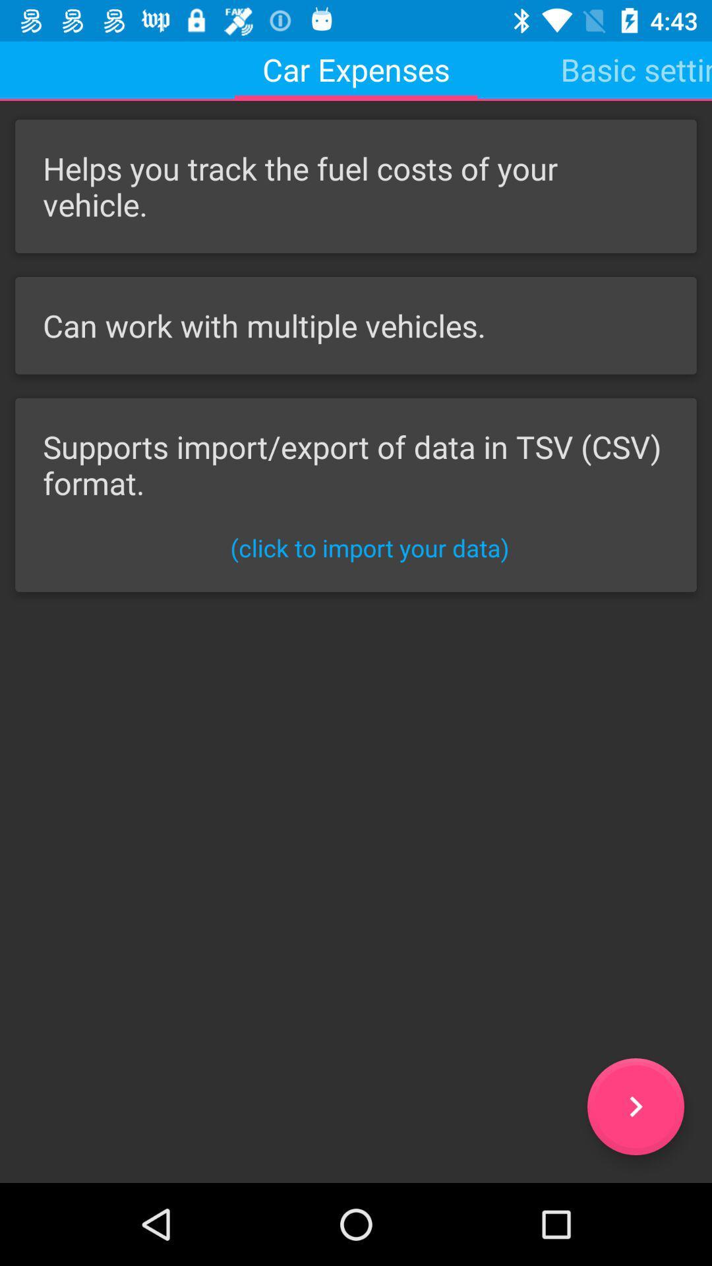 Image resolution: width=712 pixels, height=1266 pixels. Describe the element at coordinates (635, 1106) in the screenshot. I see `the arrow_forward icon` at that location.